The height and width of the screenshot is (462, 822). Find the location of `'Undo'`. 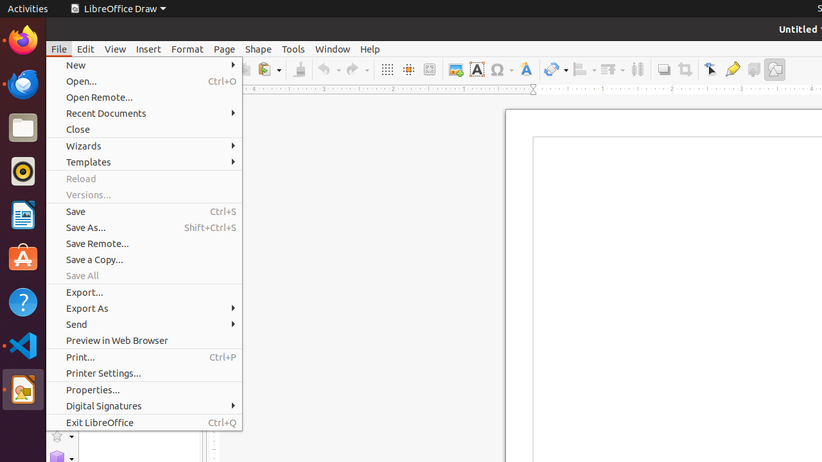

'Undo' is located at coordinates (329, 69).